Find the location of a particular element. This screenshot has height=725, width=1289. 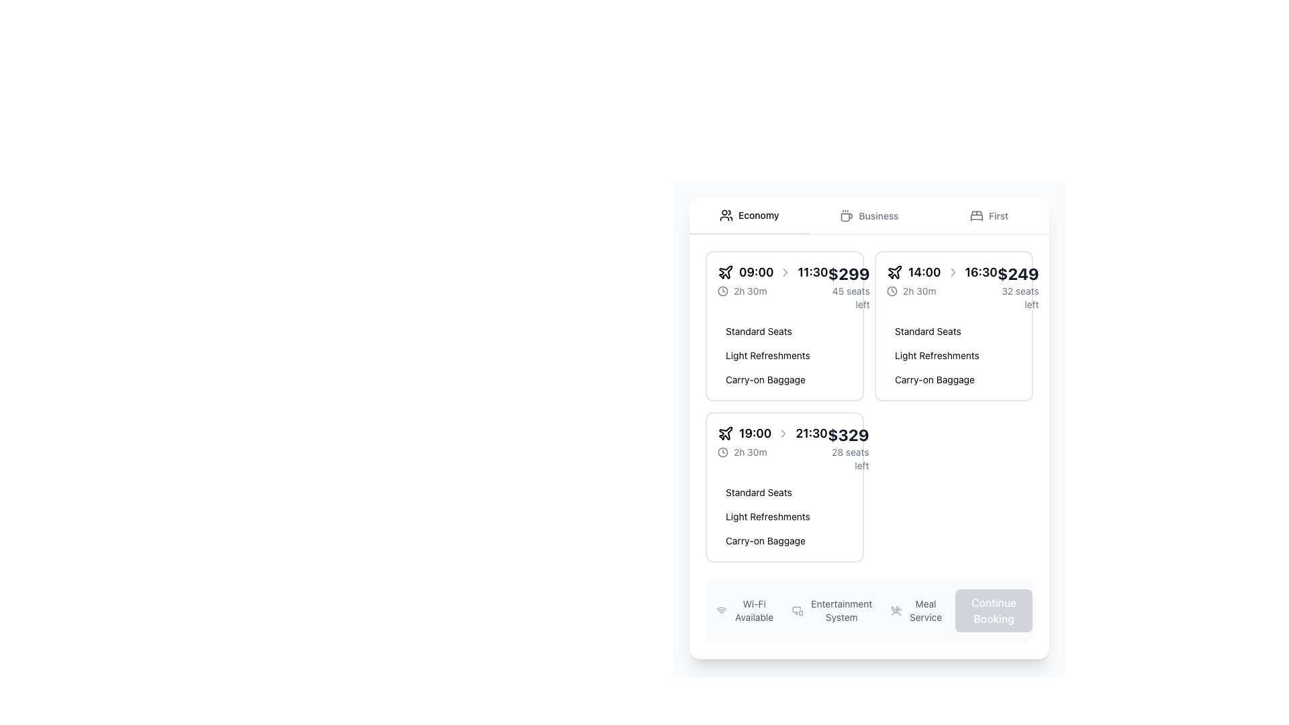

the Text with icons that conveys the departure and arrival times for a specific flight option, located in the upper-right flight entry of the second column in the grid layout is located at coordinates (941, 272).